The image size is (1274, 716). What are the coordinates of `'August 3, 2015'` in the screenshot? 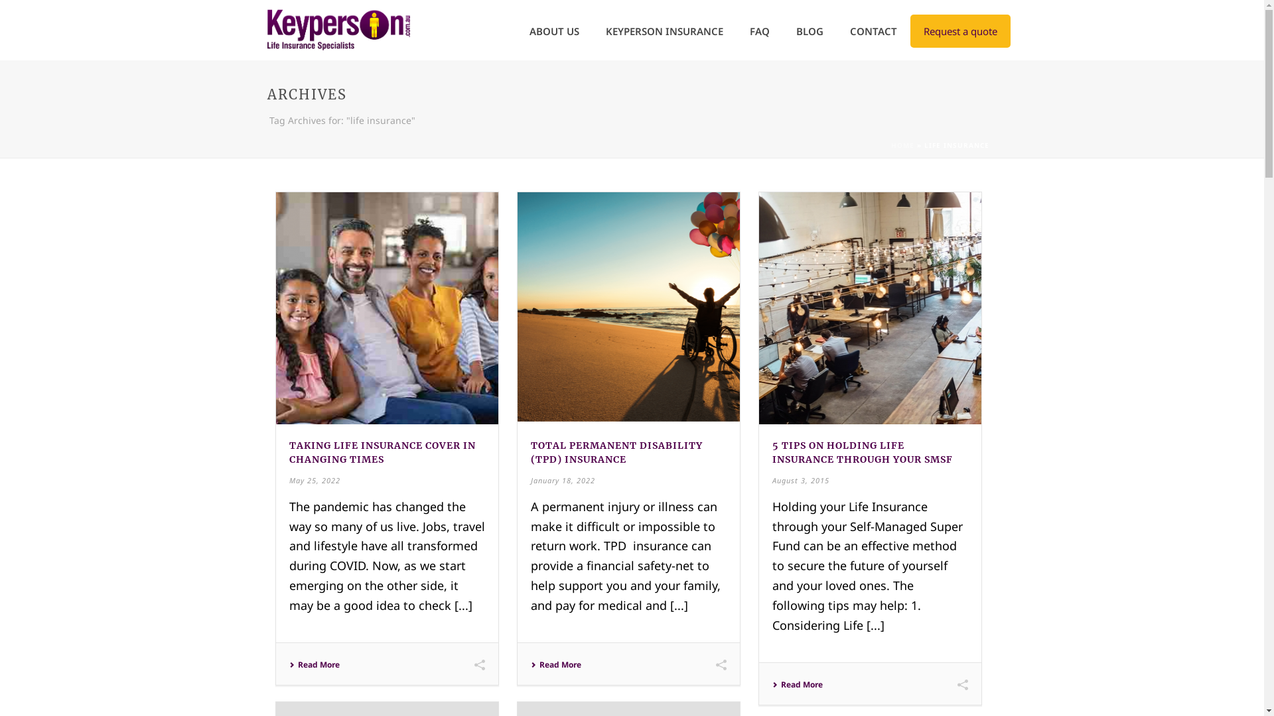 It's located at (800, 479).